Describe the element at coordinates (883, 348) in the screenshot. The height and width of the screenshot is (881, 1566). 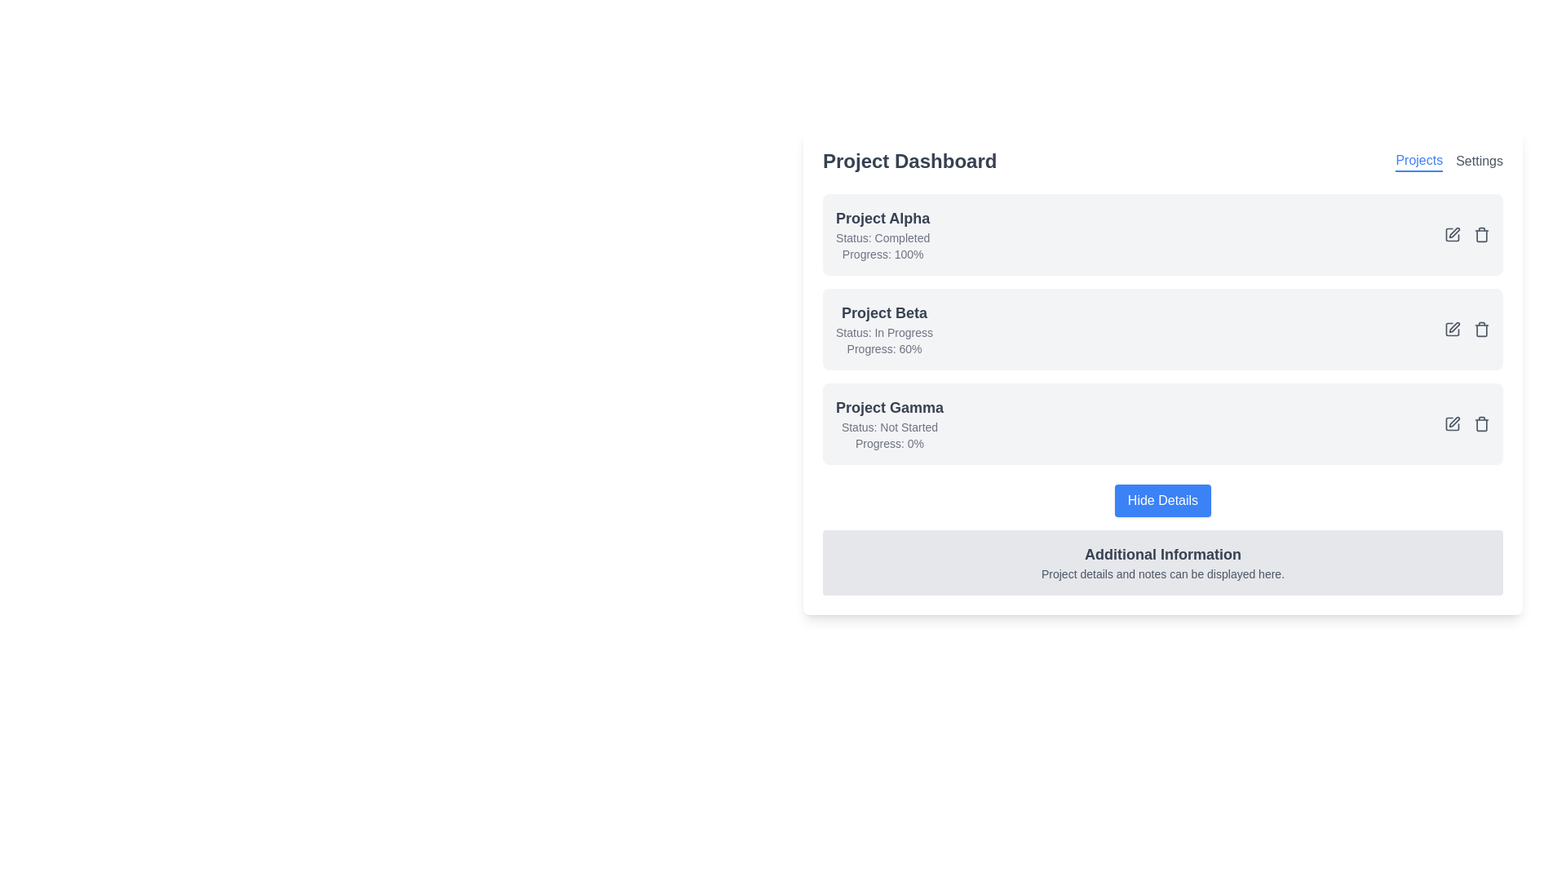
I see `the text label displaying 'Progress: 60%' which is located below the 'Status: In Progress' text in the 'Project Beta' information area` at that location.